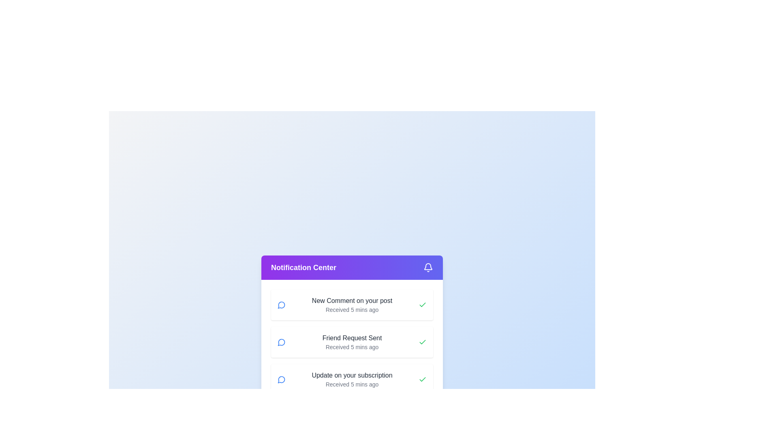 This screenshot has width=778, height=438. What do you see at coordinates (352, 330) in the screenshot?
I see `the Notification card element that displays 'Friend Request Sent' with a timestamp 'Received 5 mins ago'. This card is the second in a vertical stack of notifications in the notification center` at bounding box center [352, 330].